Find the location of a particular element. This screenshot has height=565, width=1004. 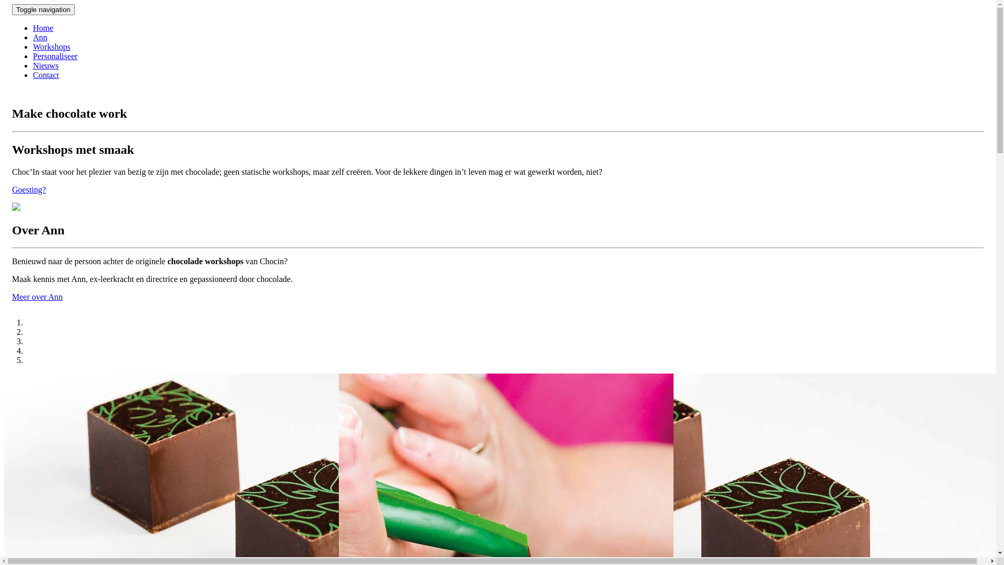

'Toggle navigation' is located at coordinates (42, 9).